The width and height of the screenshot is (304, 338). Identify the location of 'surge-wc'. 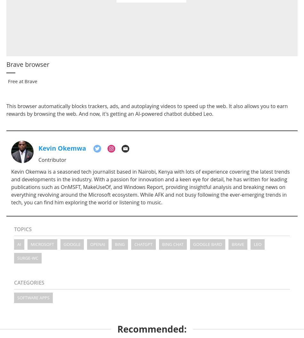
(28, 258).